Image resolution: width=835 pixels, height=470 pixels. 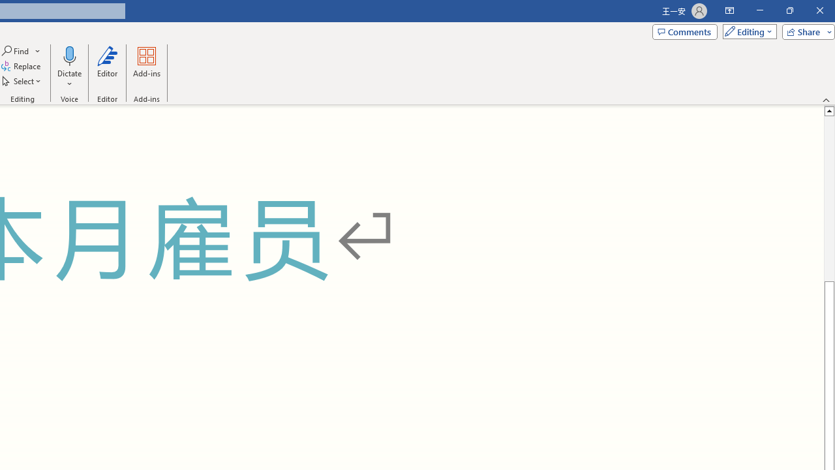 I want to click on 'Collapse the Ribbon', so click(x=826, y=99).